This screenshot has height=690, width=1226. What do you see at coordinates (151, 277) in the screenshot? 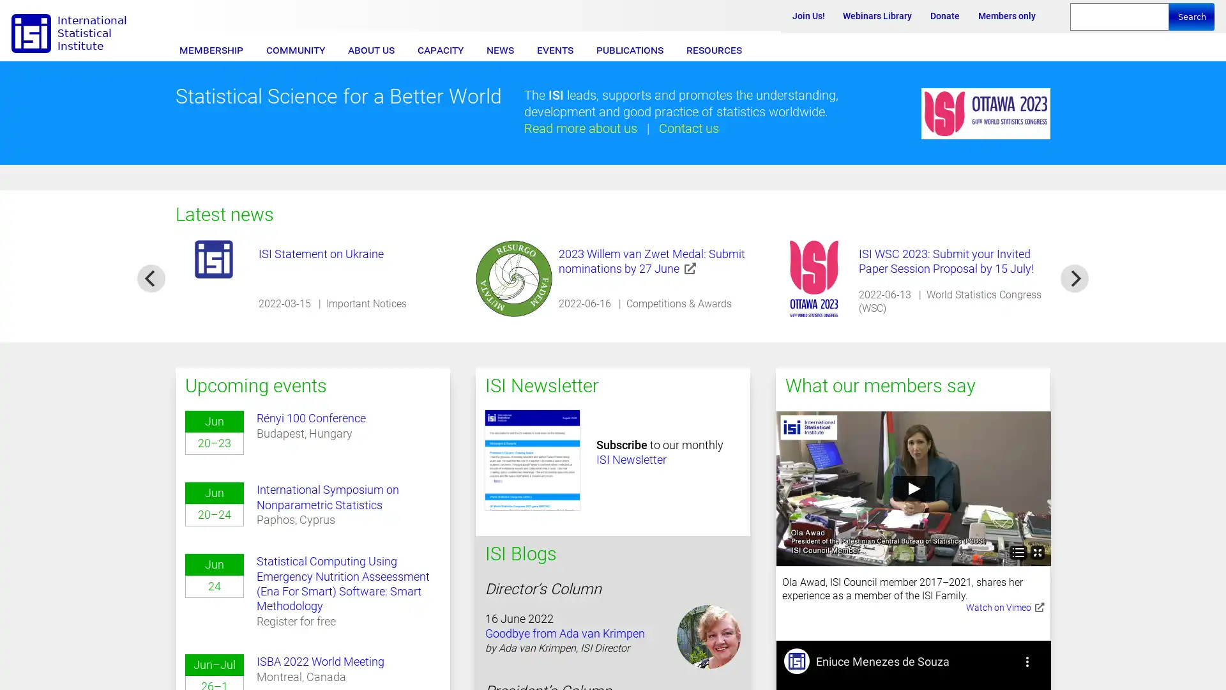
I see `previous` at bounding box center [151, 277].